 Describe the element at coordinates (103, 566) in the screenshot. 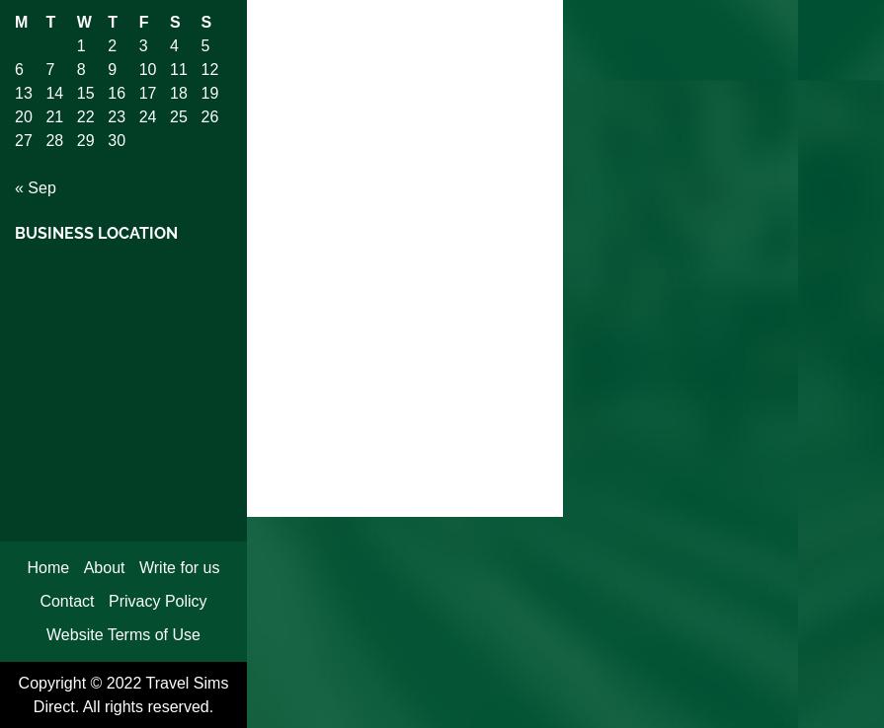

I see `'About'` at that location.